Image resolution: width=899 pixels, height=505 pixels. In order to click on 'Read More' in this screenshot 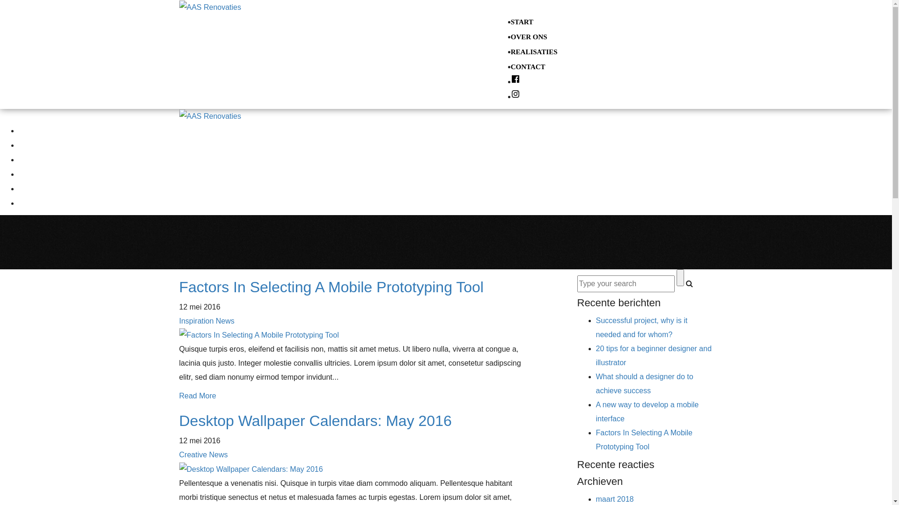, I will do `click(197, 396)`.